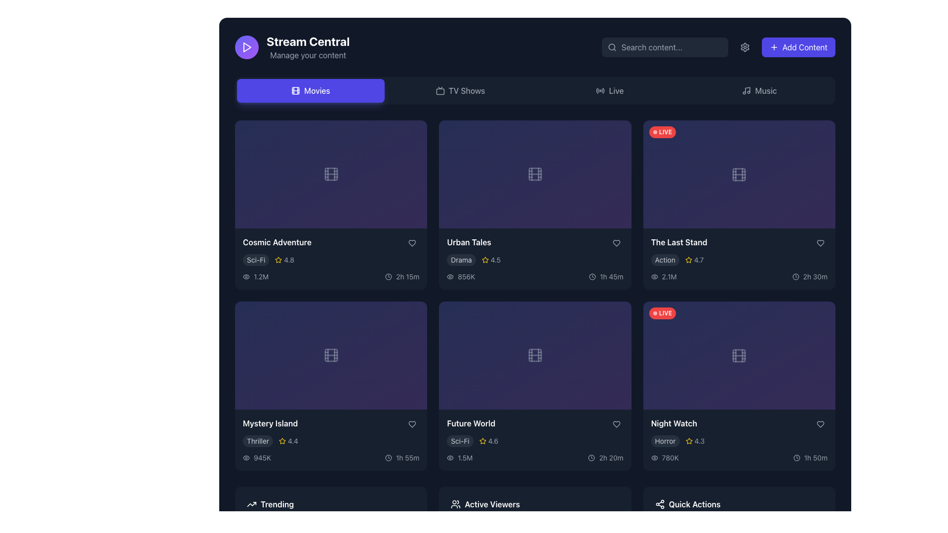  What do you see at coordinates (820, 424) in the screenshot?
I see `the heart icon button at the bottom-right of the 'Night Watch' movie card to mark it as a favorite` at bounding box center [820, 424].